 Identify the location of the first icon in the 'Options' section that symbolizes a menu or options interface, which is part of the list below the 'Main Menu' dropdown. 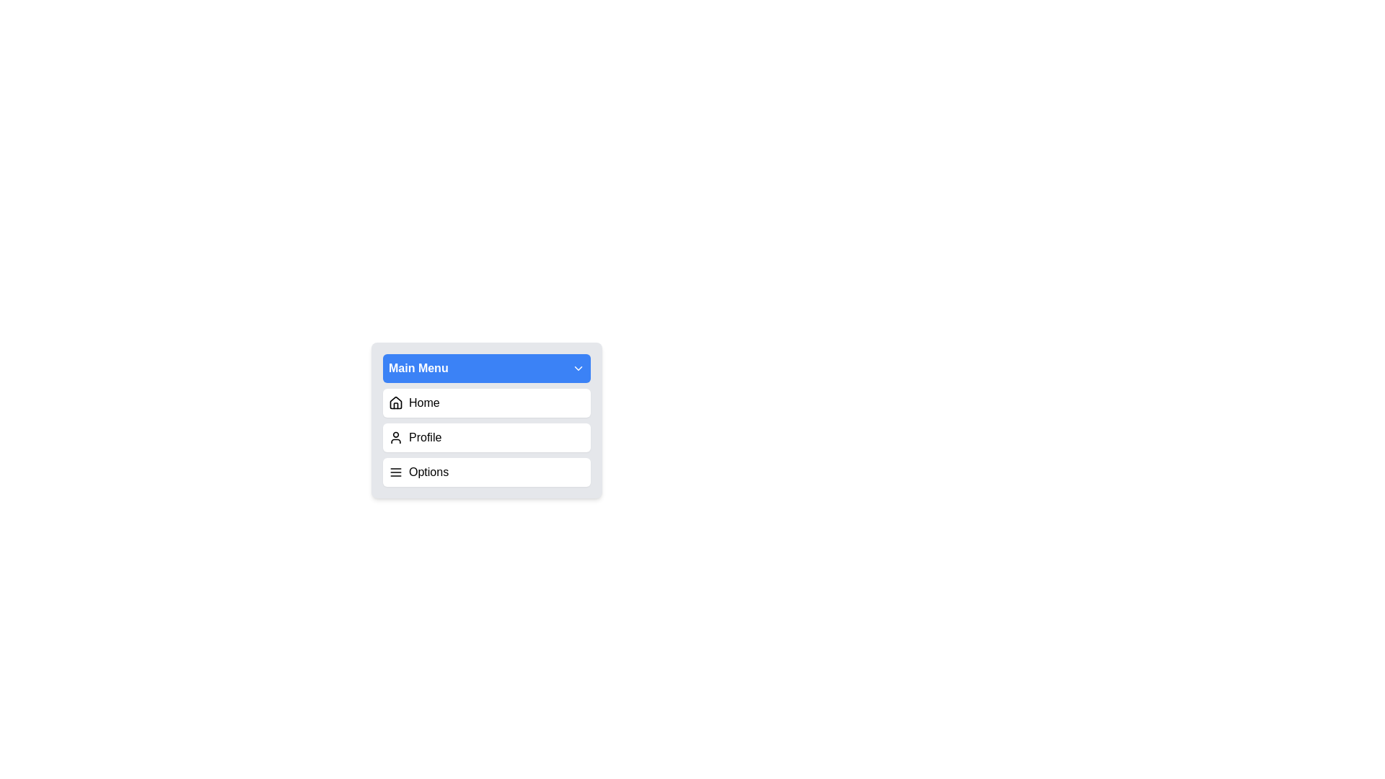
(395, 472).